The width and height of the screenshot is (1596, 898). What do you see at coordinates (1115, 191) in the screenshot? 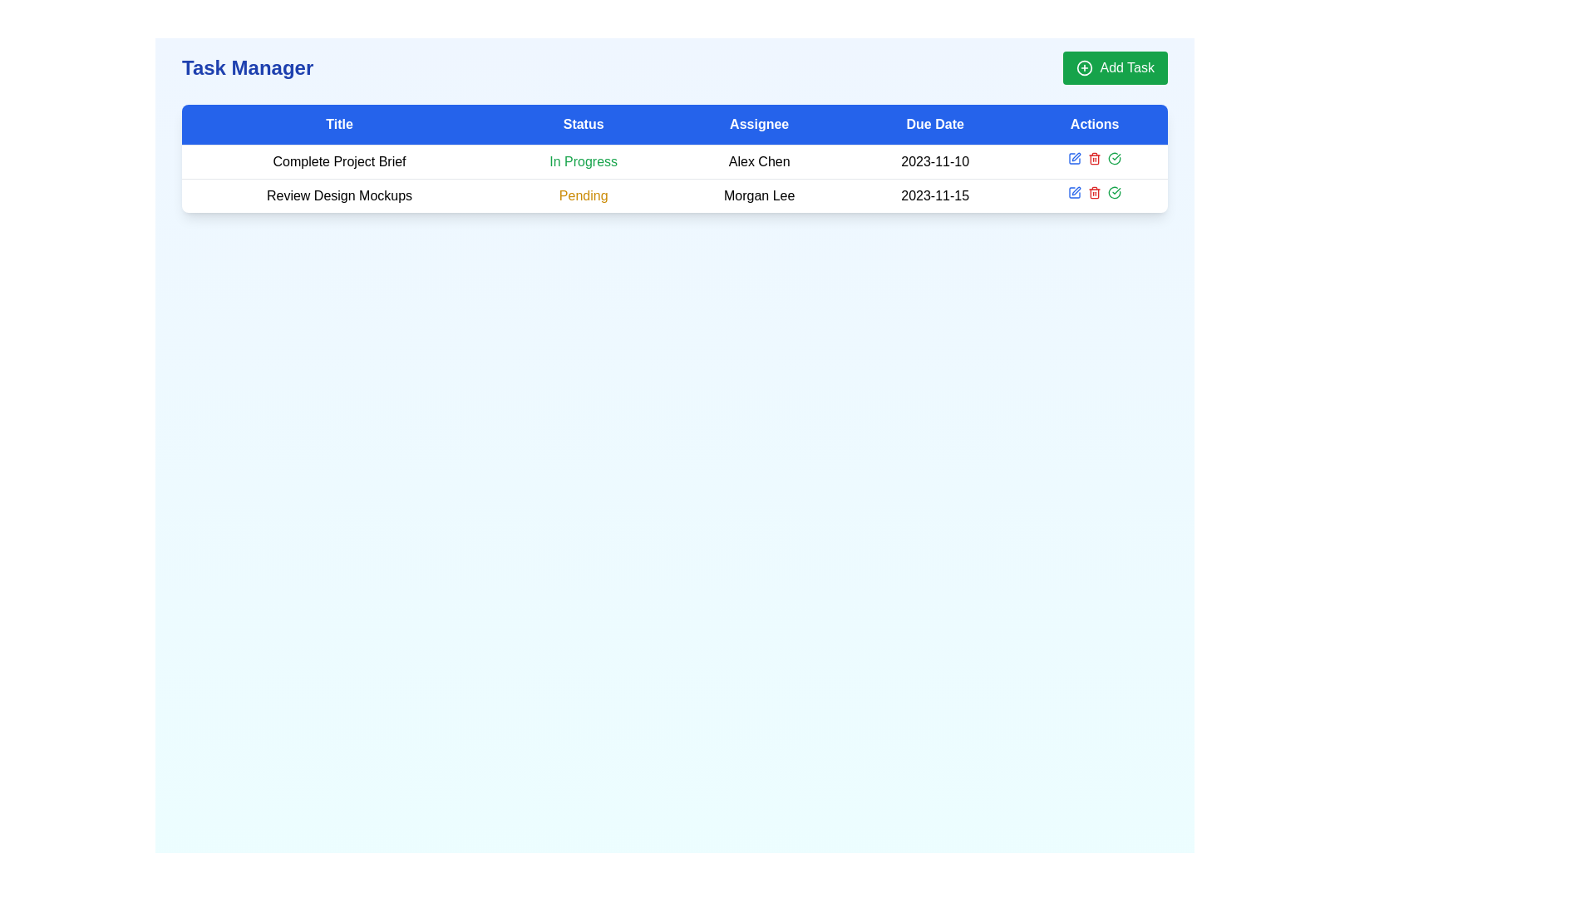
I see `the green circular check mark button in the Actions column of the first row of the data table` at bounding box center [1115, 191].